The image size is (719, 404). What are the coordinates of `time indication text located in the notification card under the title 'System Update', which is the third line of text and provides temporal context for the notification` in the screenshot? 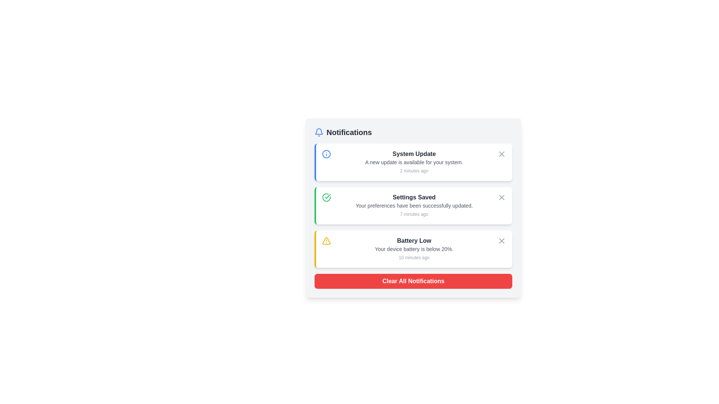 It's located at (413, 171).